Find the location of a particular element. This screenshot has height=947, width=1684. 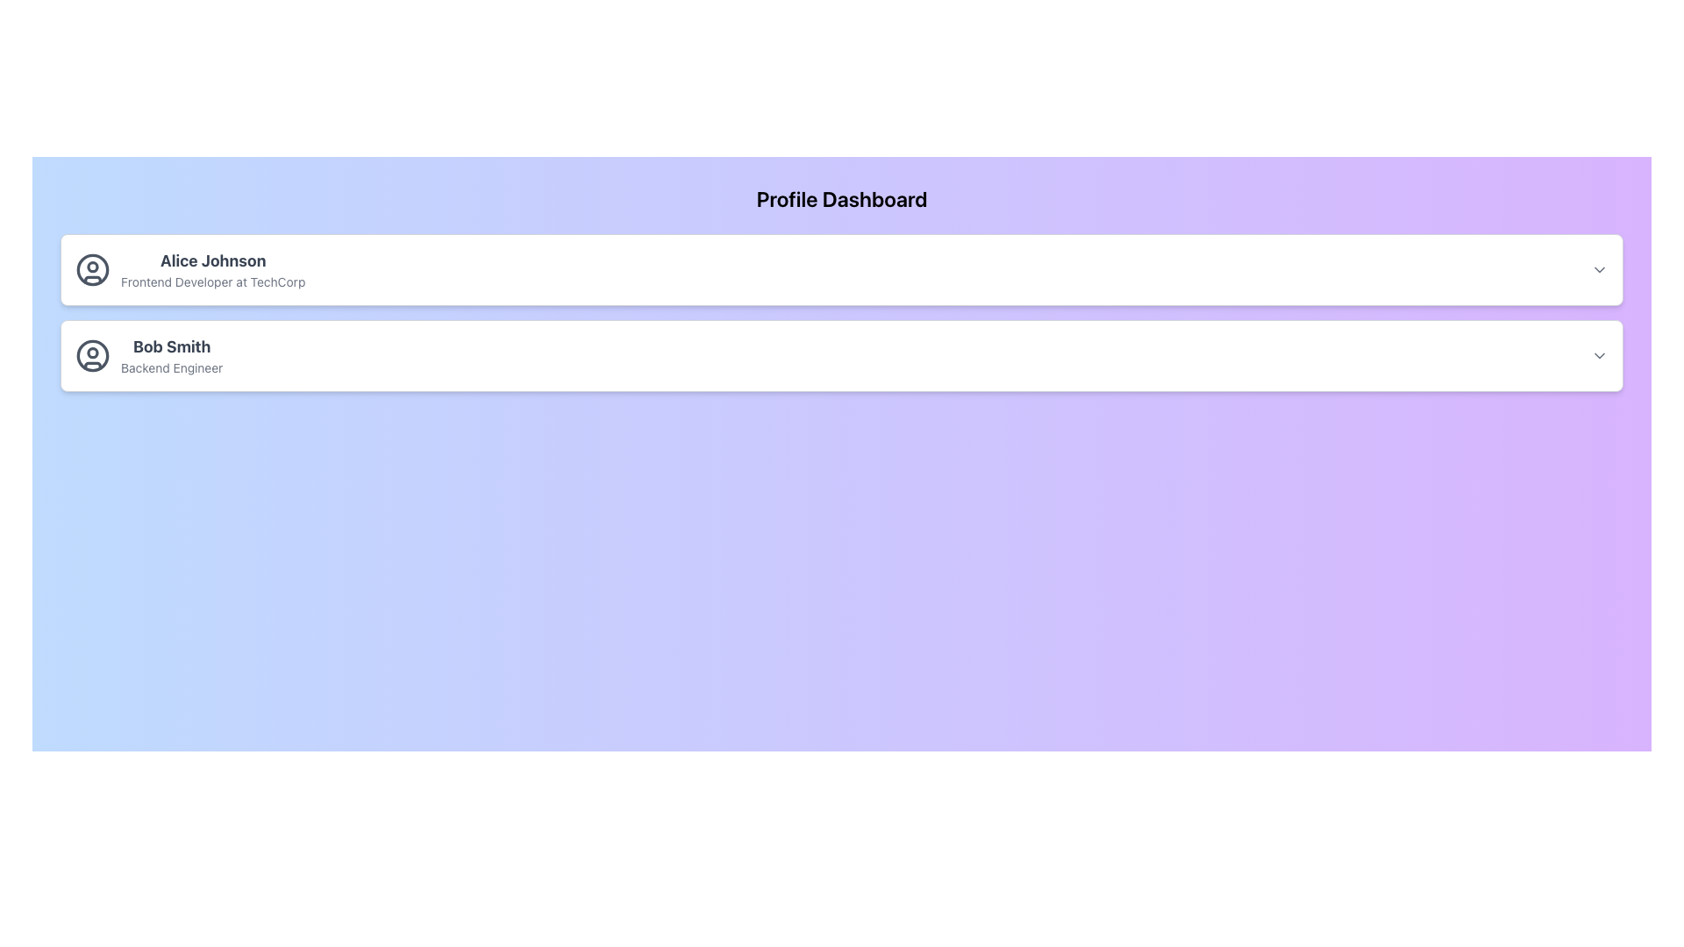

the user profile icon representing 'Bob Smith' located in the middle-left section of the user card is located at coordinates (91, 355).